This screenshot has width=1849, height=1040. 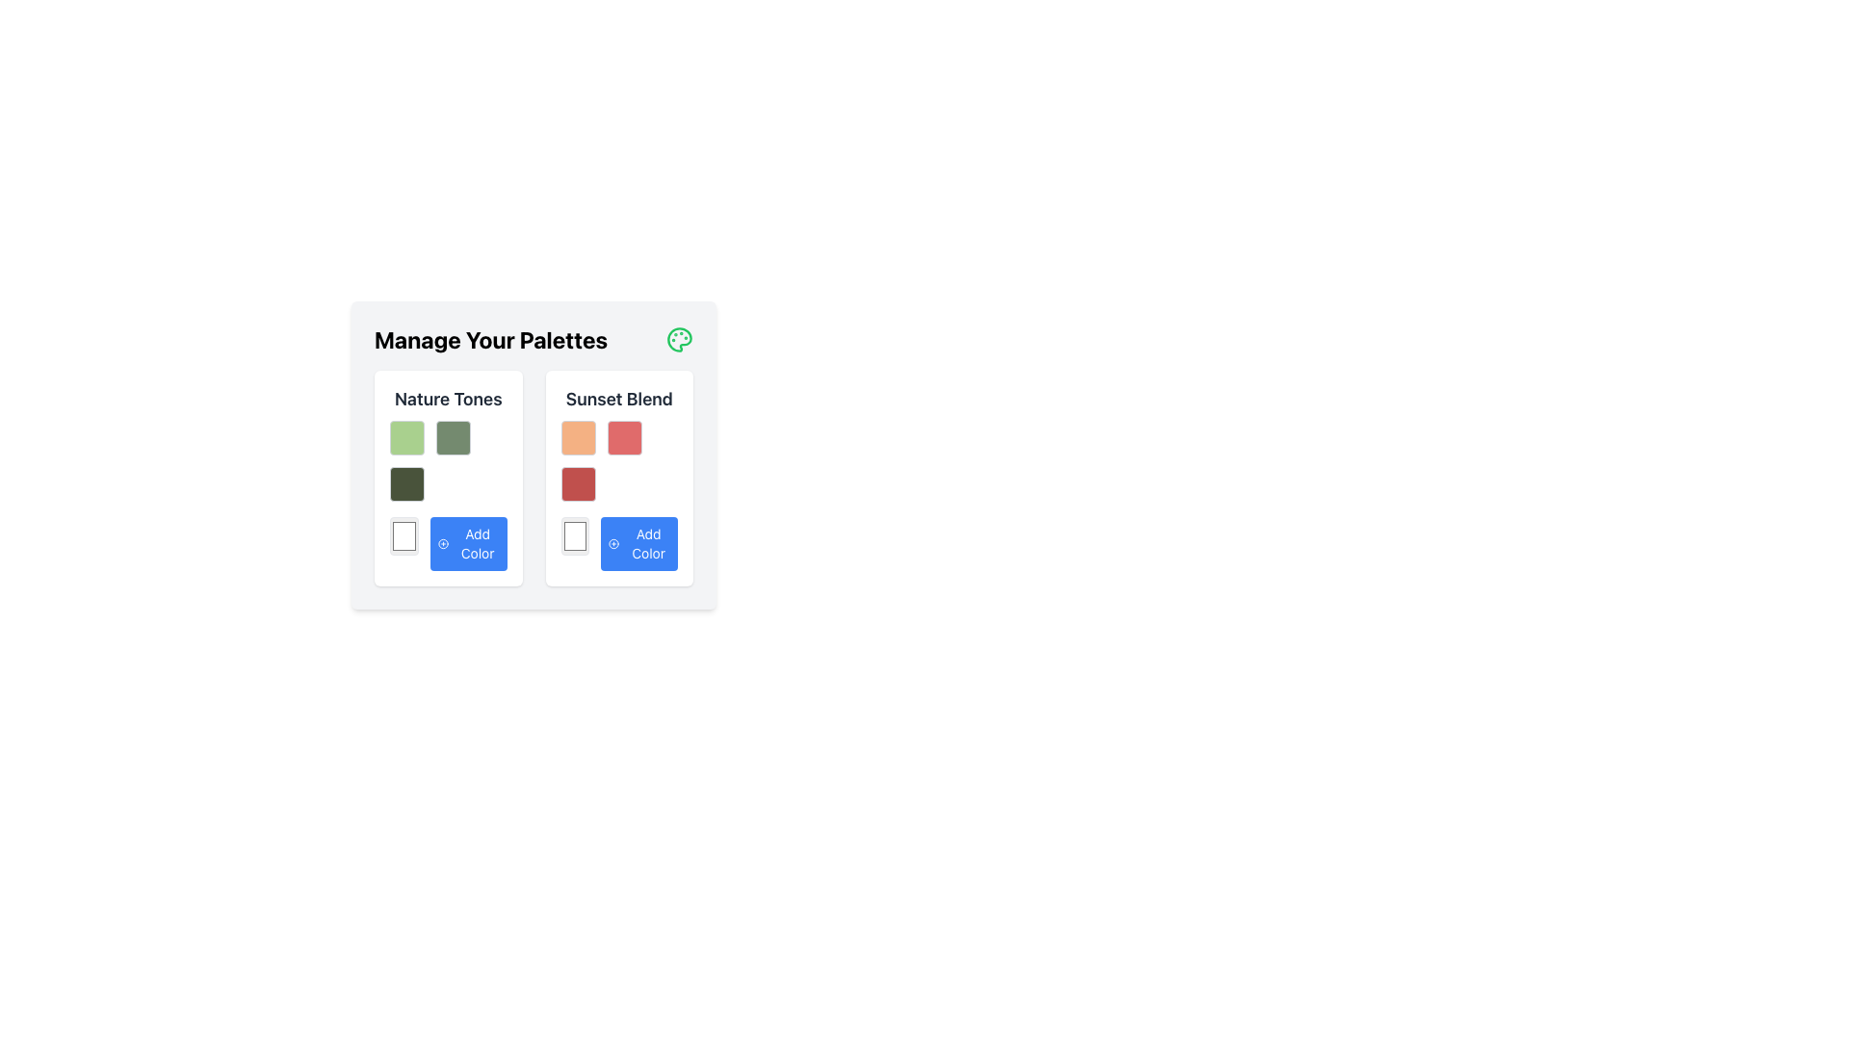 I want to click on the top-left Color Swatch element with a light-green background in the 'Nature Tones' palette section, so click(x=405, y=438).